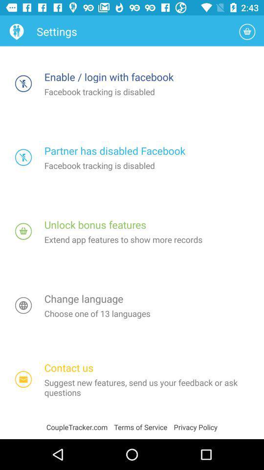  Describe the element at coordinates (23, 305) in the screenshot. I see `change language` at that location.